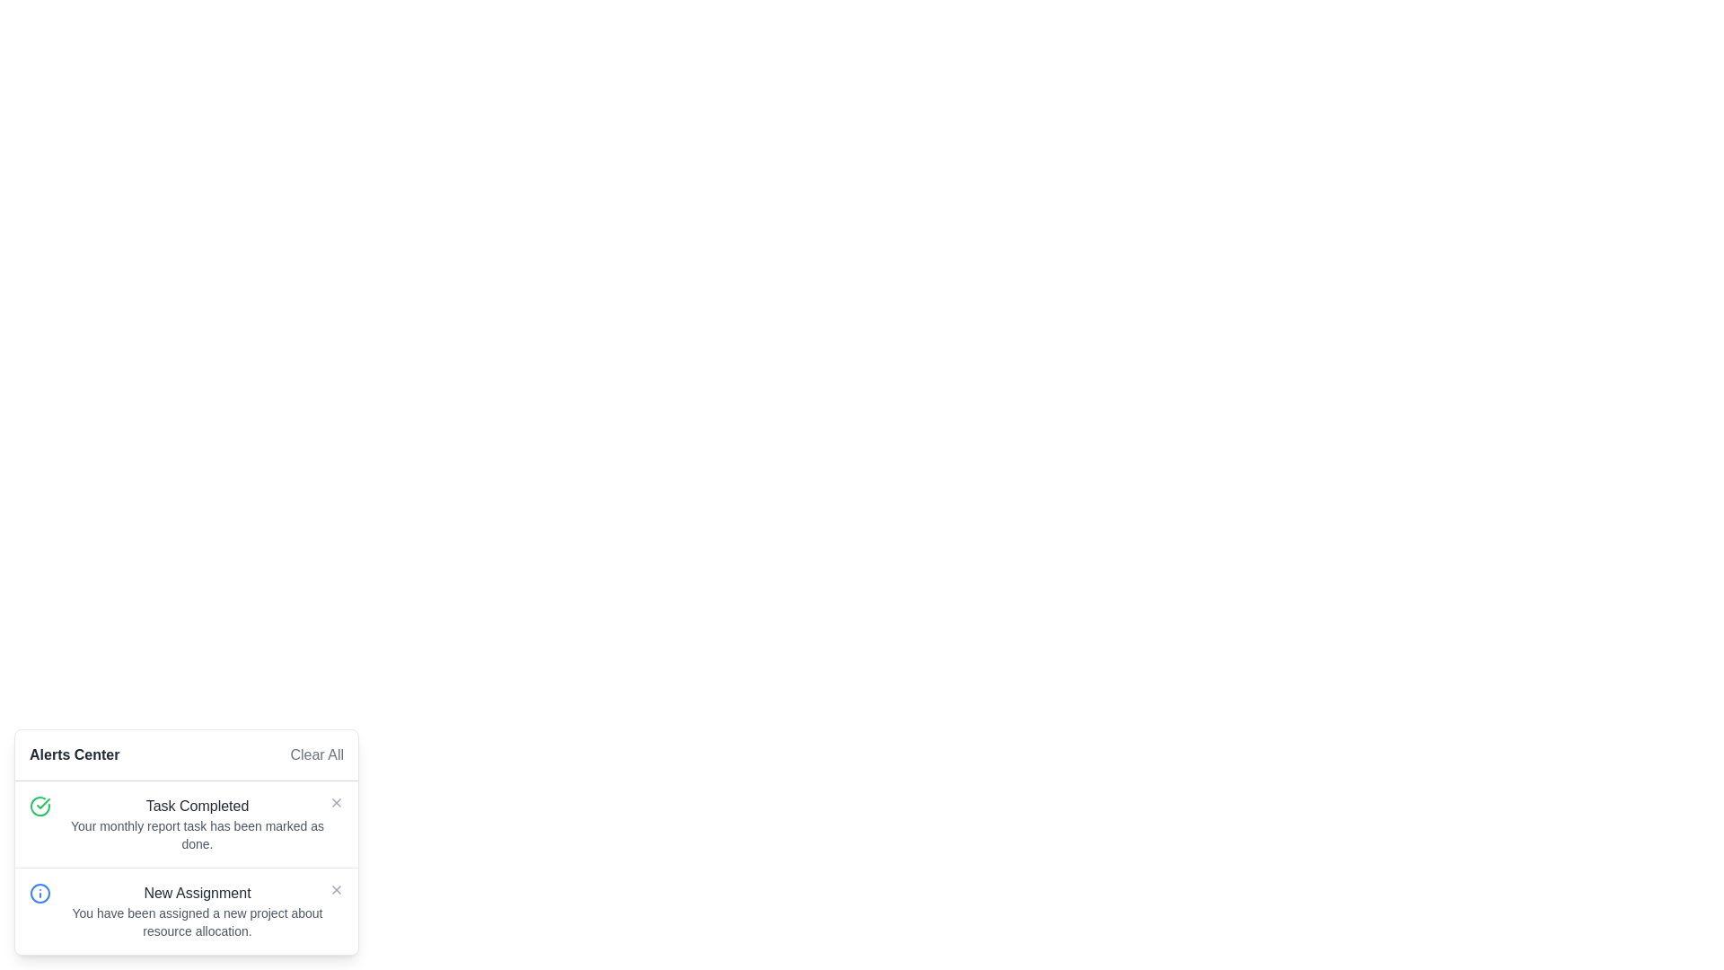 The width and height of the screenshot is (1724, 970). What do you see at coordinates (198, 834) in the screenshot?
I see `the text label displaying 'Your monthly report task has been marked as done.' located under the heading 'Task Completed' in the 'Alerts Center.'` at bounding box center [198, 834].